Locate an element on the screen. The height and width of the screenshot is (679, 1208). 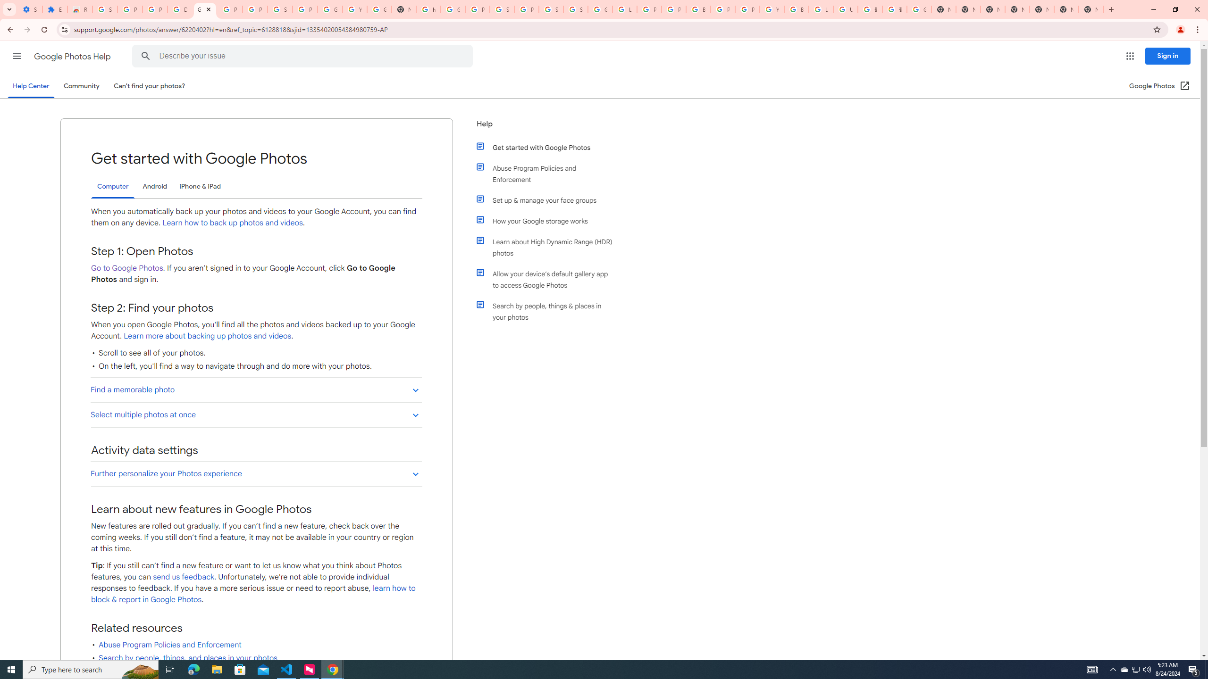
'Community' is located at coordinates (81, 85).